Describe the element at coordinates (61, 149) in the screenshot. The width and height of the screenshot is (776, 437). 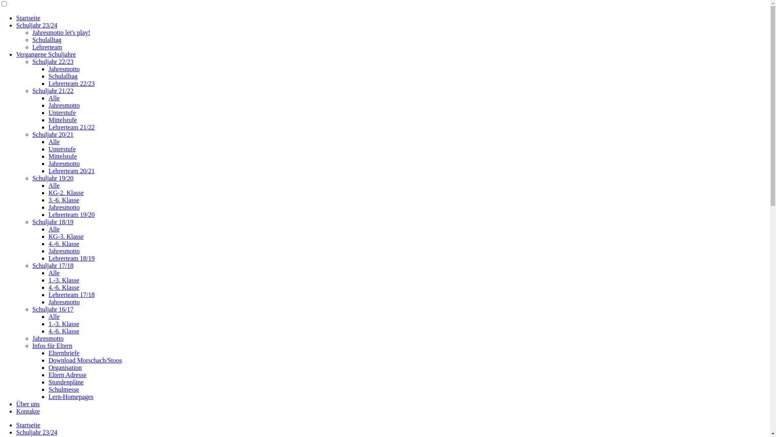
I see `'Unterstufe'` at that location.